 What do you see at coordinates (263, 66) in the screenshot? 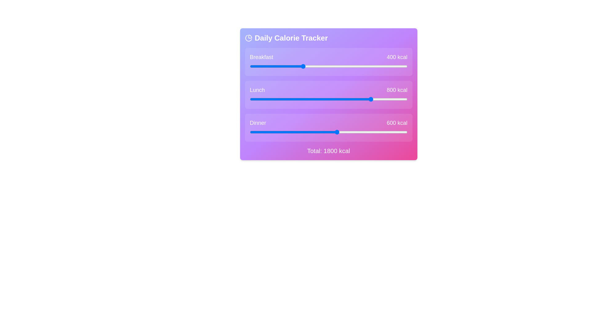
I see `the breakfast calorie value` at bounding box center [263, 66].